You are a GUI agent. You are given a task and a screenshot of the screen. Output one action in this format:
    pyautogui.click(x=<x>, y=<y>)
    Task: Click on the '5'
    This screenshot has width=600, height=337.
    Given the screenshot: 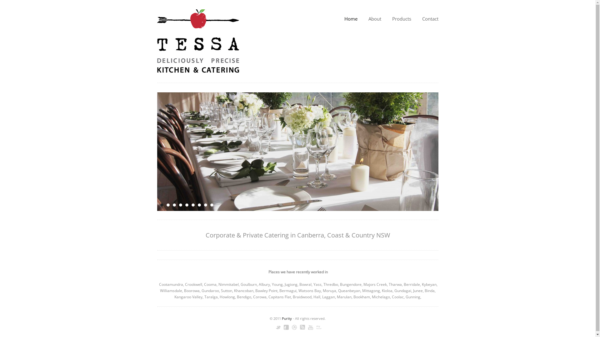 What is the action you would take?
    pyautogui.click(x=186, y=205)
    